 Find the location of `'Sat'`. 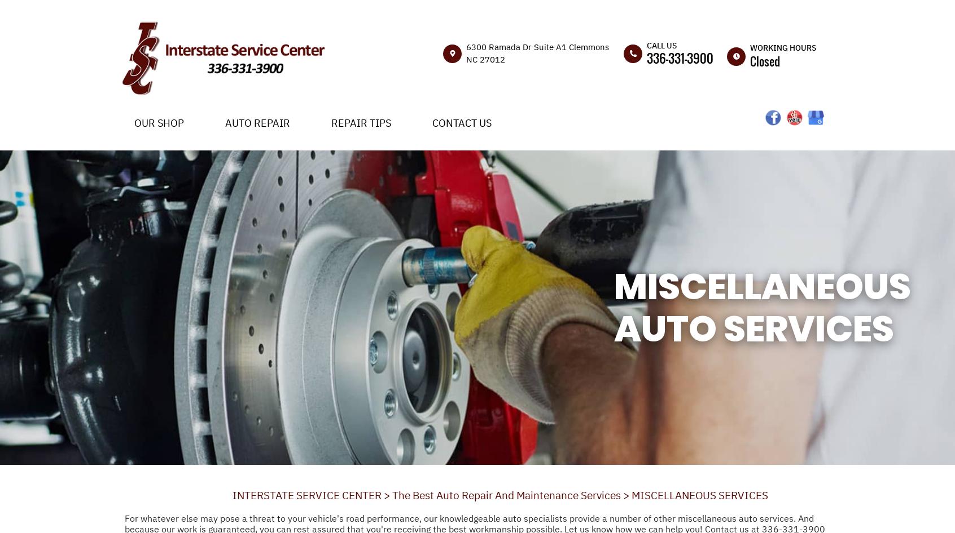

'Sat' is located at coordinates (741, 237).